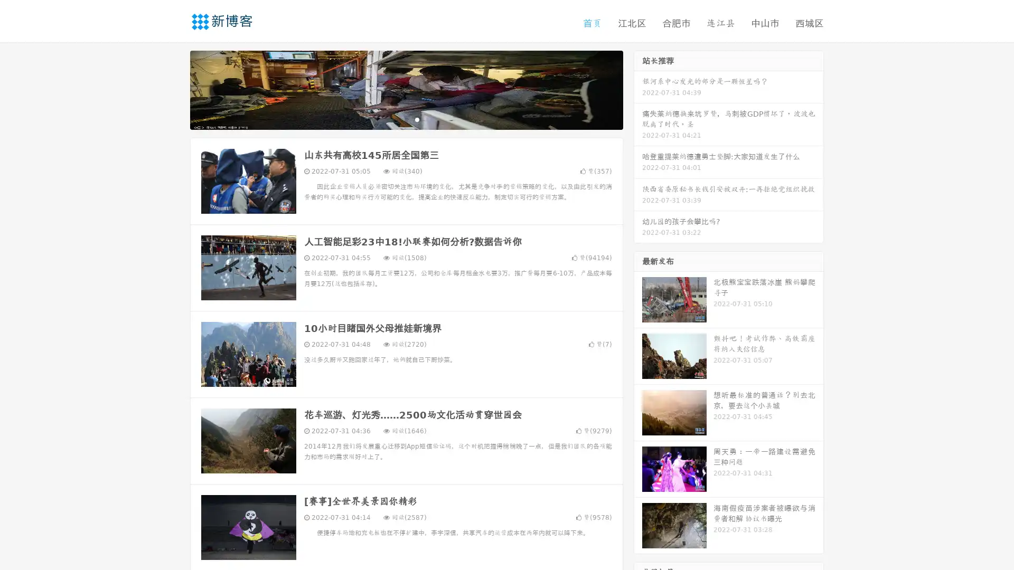  I want to click on Go to slide 3, so click(417, 119).